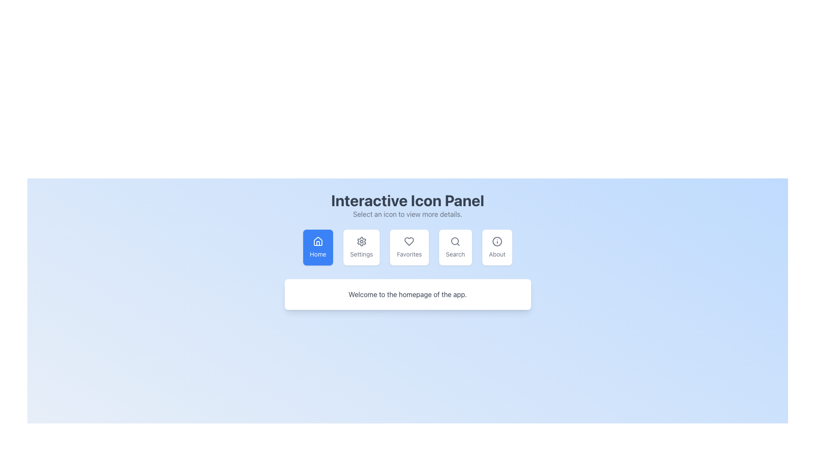  I want to click on the heart icon that symbolizes the 'Favorites' functionality, located at the top-center section of the 'Favorites' interactive card, which is the third card from the left, so click(409, 242).